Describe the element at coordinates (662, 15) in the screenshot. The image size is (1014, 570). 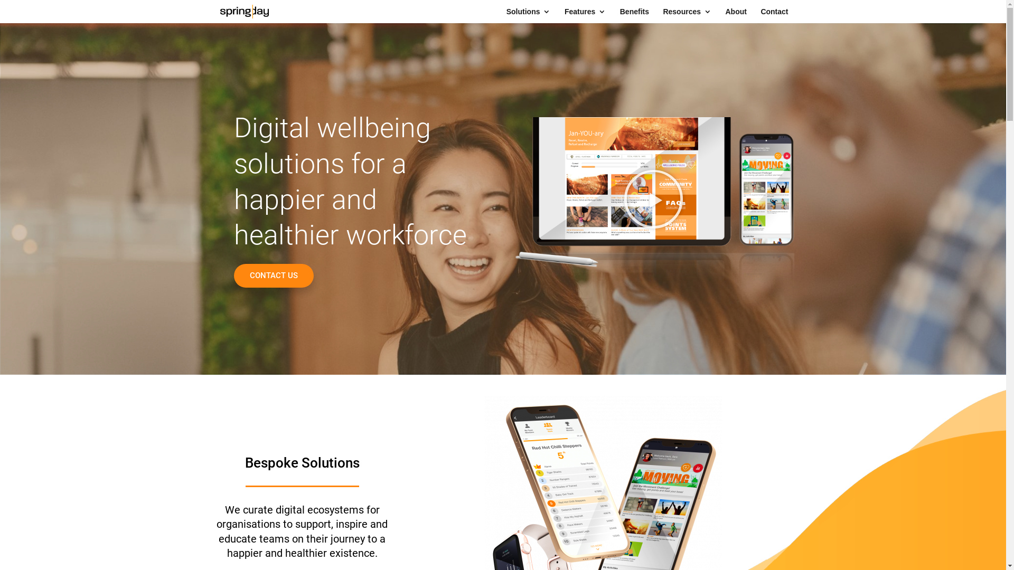
I see `'Resources'` at that location.